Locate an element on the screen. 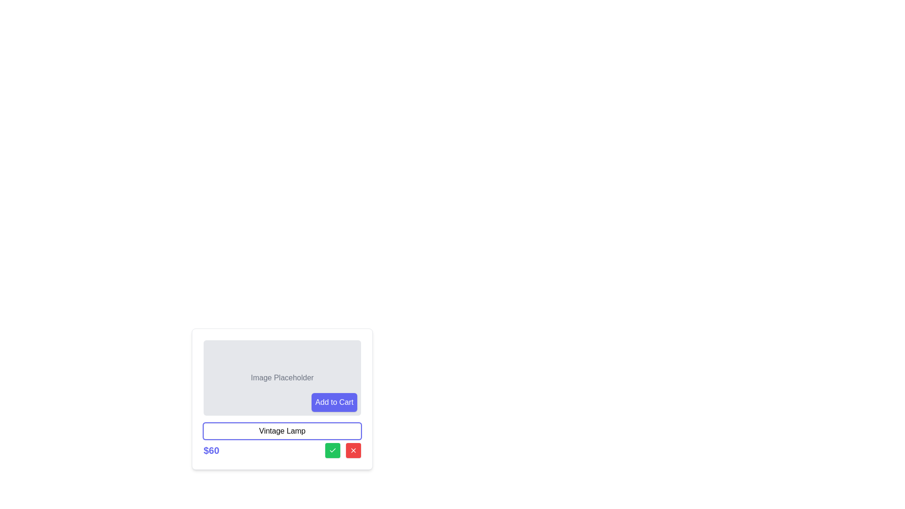 The image size is (905, 509). the pricing display element which includes a bold blue text label showing '$60' and adjacent green and red action buttons for approval and rejection is located at coordinates (282, 450).